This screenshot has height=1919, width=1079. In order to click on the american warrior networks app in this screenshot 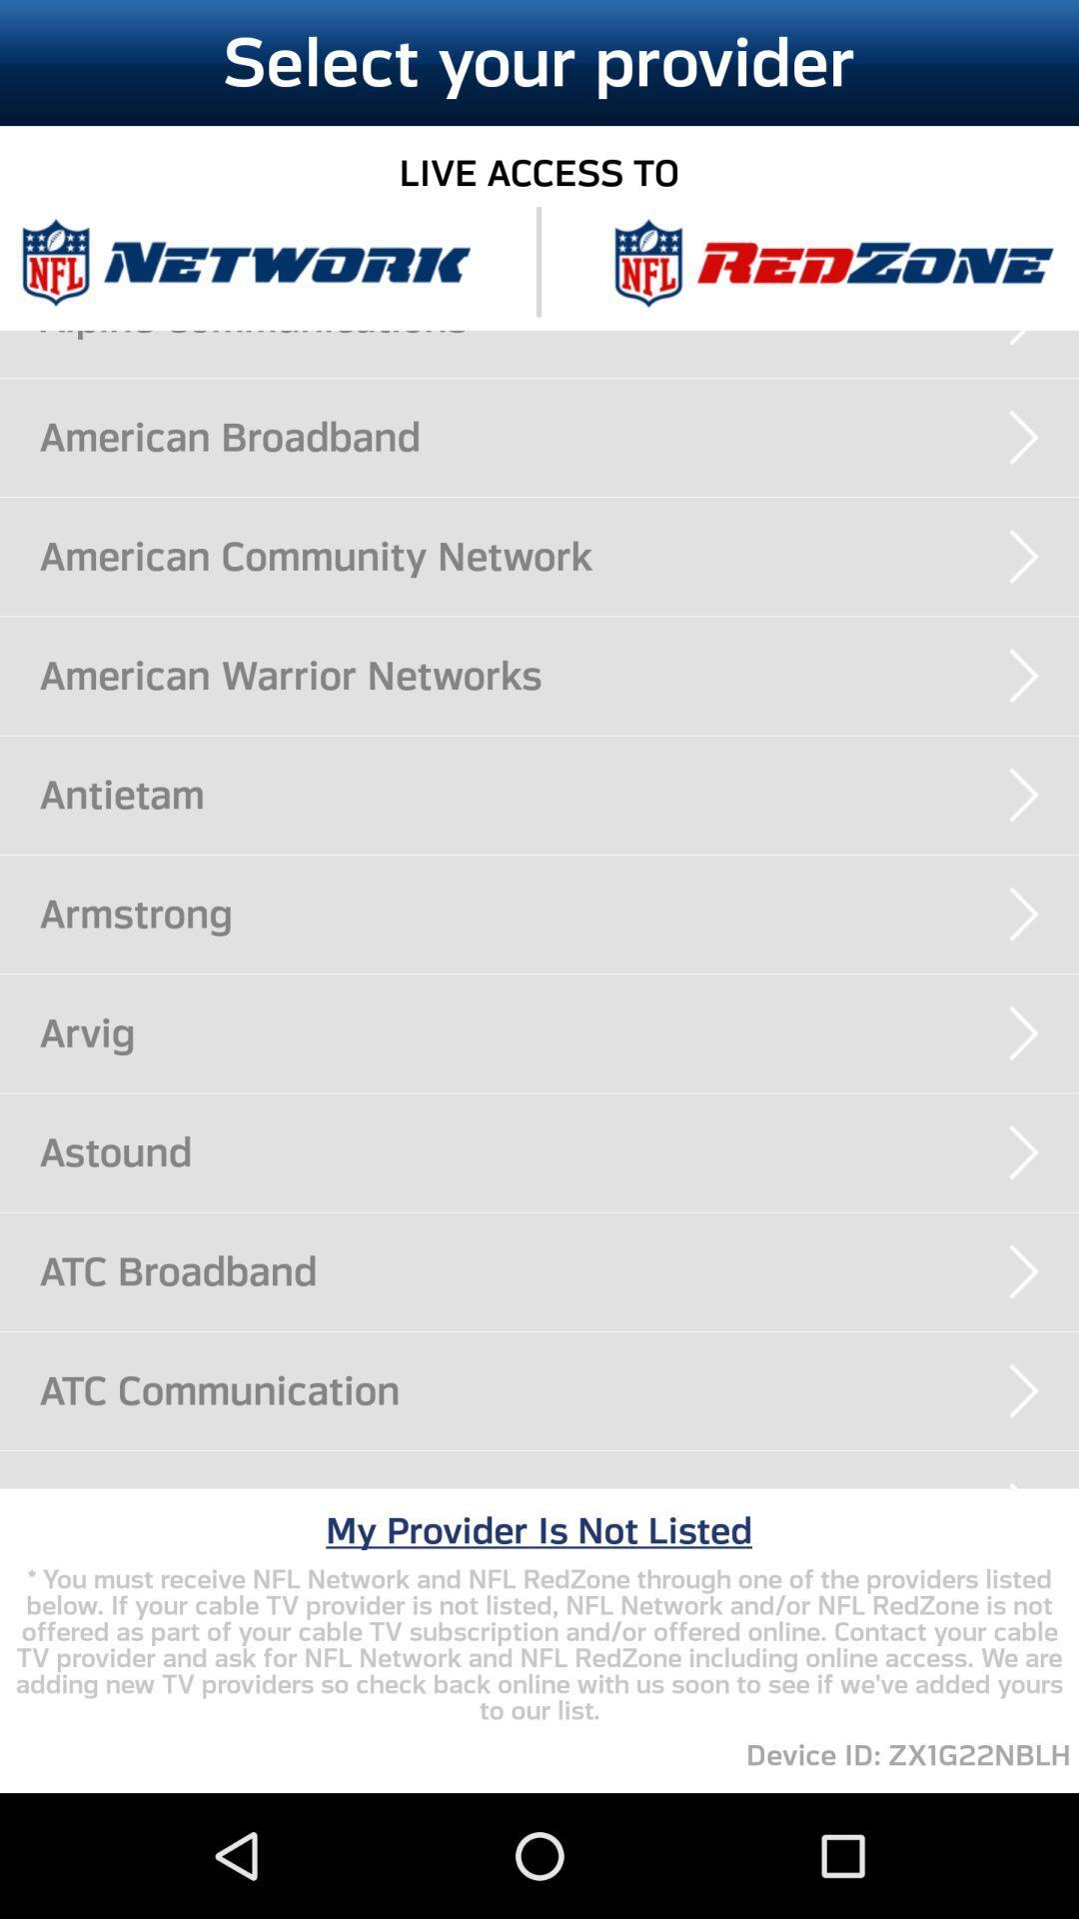, I will do `click(558, 676)`.